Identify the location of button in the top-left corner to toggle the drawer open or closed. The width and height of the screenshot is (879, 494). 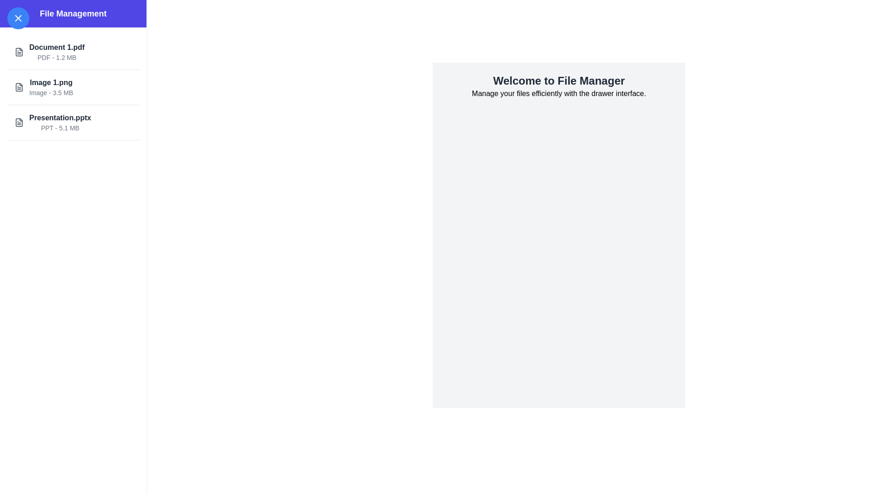
(18, 18).